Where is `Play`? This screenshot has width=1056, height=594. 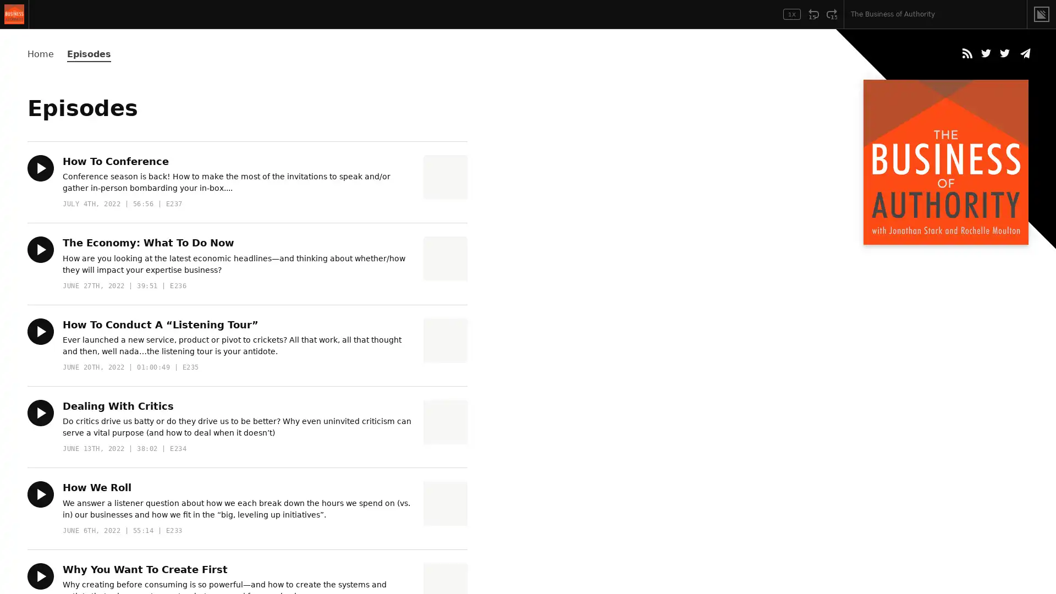
Play is located at coordinates (40, 412).